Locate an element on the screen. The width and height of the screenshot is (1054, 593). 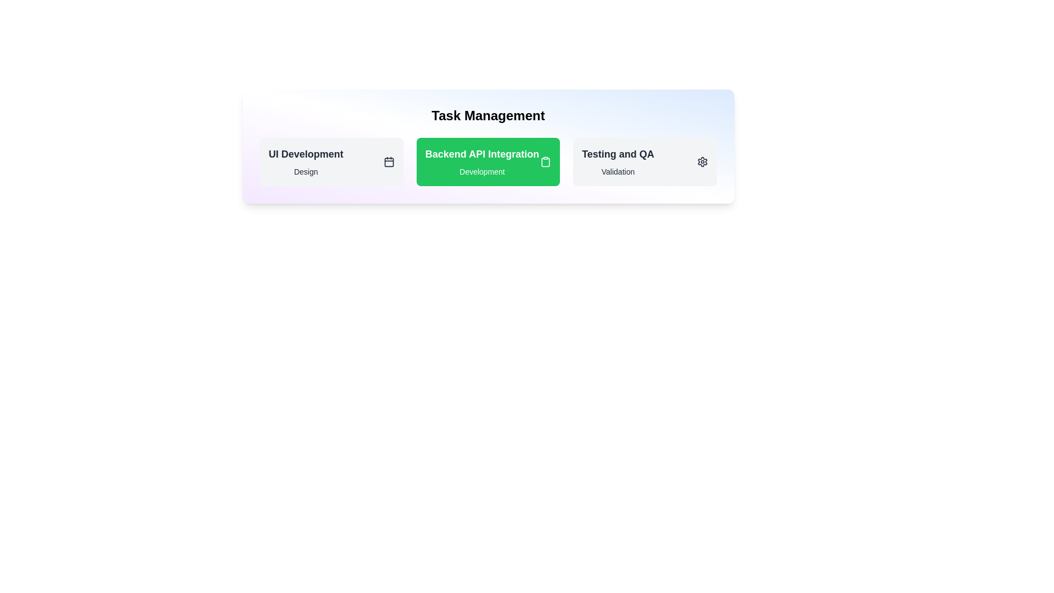
the task category icon to view additional context for UI Development is located at coordinates (389, 161).